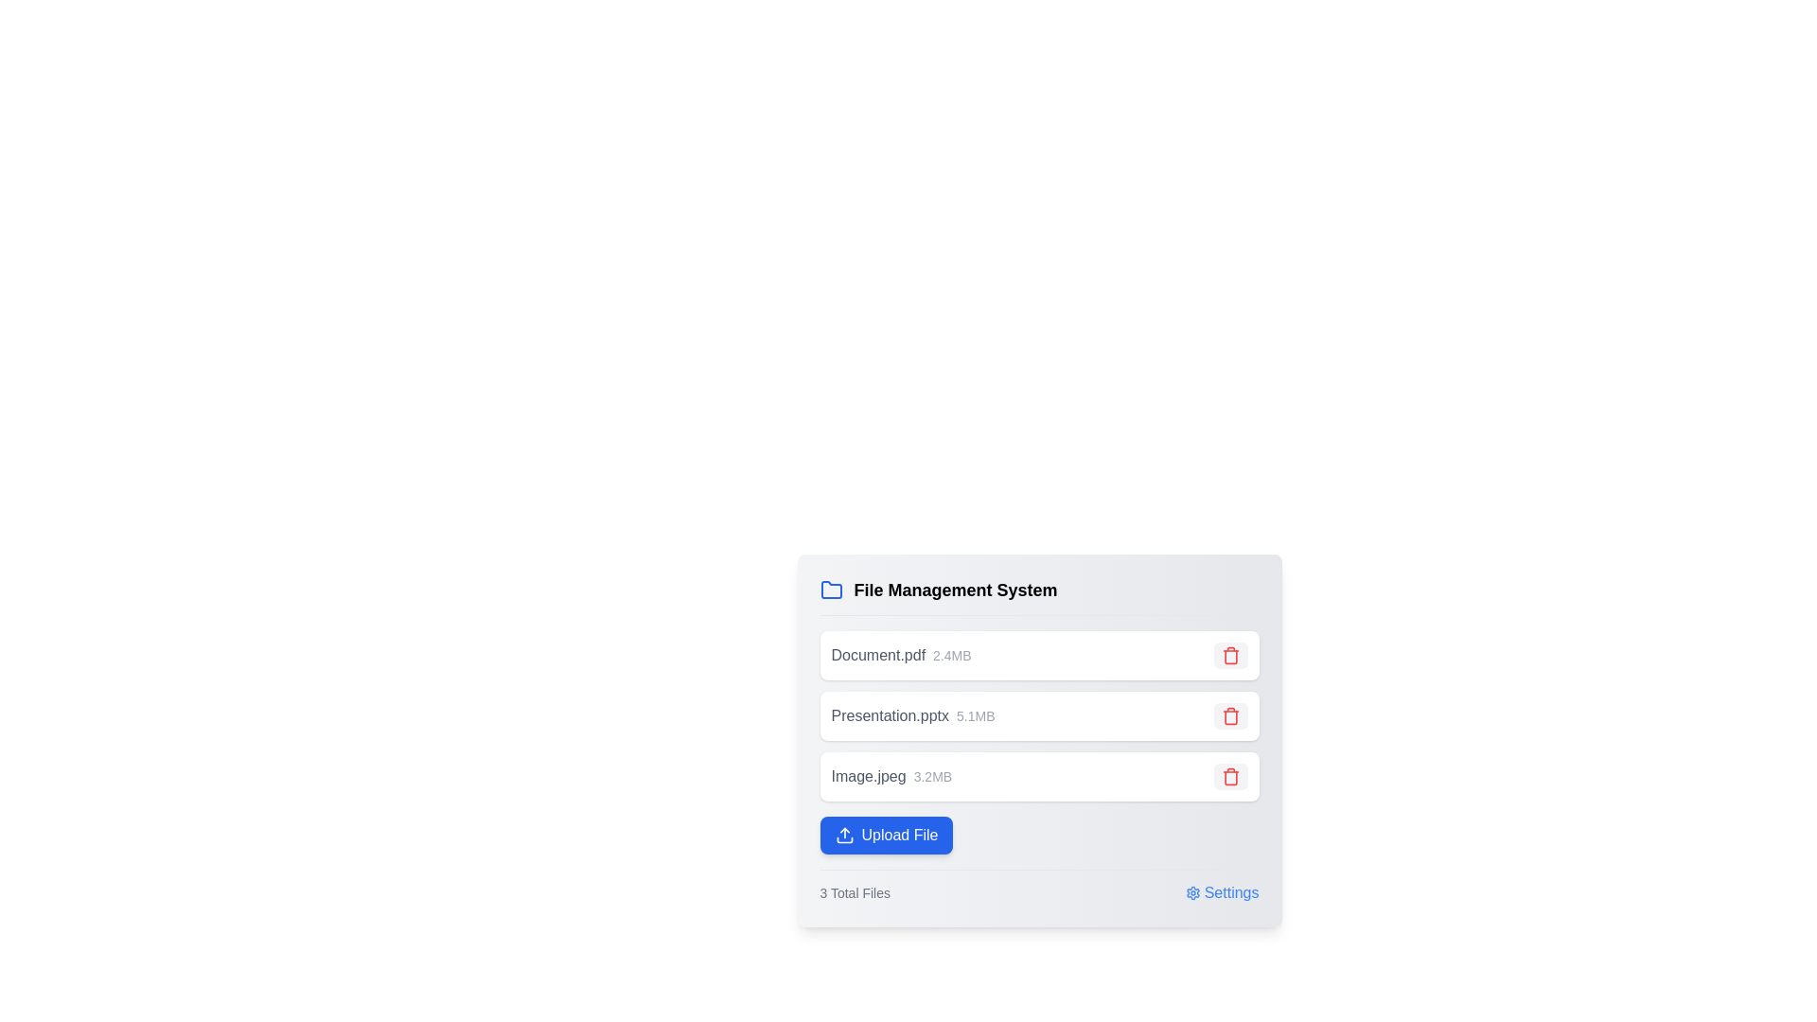 This screenshot has height=1022, width=1817. I want to click on the third file entry card, so click(1038, 777).